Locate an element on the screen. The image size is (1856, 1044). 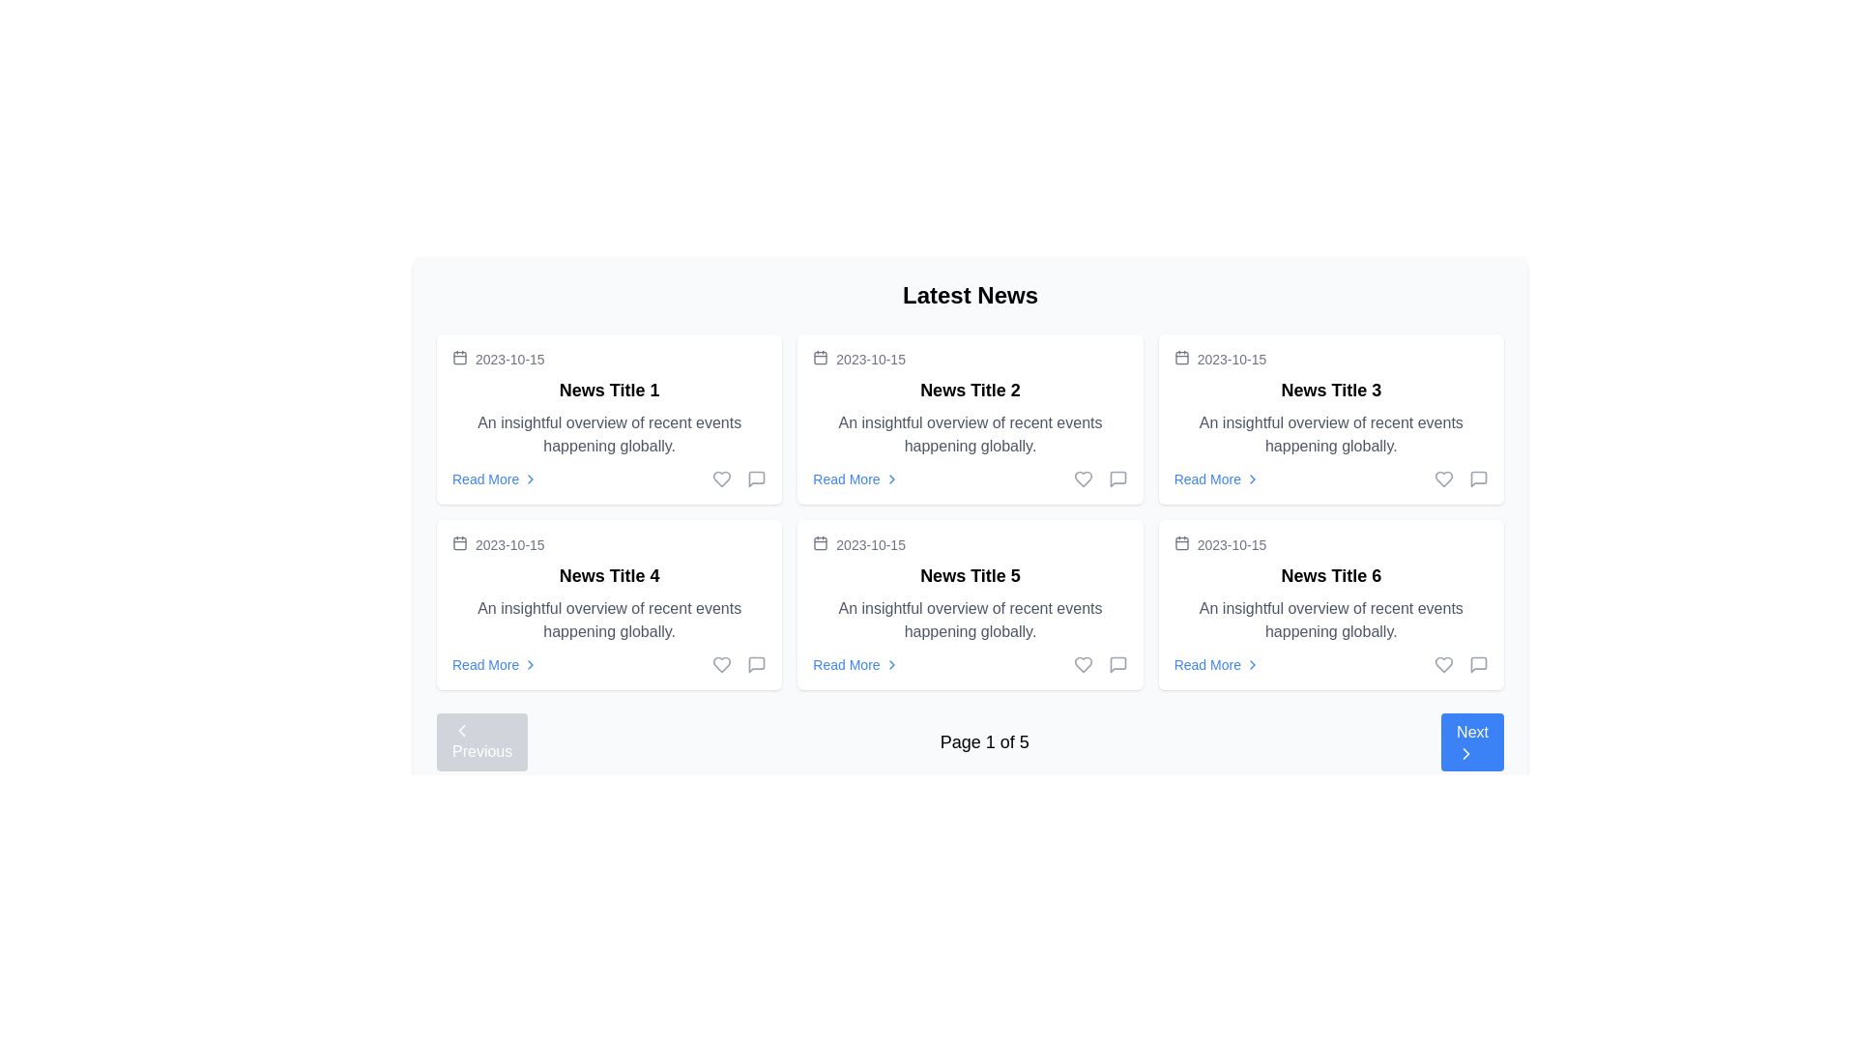
the call-to-action link located at the lower part of the 'News Title 1' card is located at coordinates (608, 478).